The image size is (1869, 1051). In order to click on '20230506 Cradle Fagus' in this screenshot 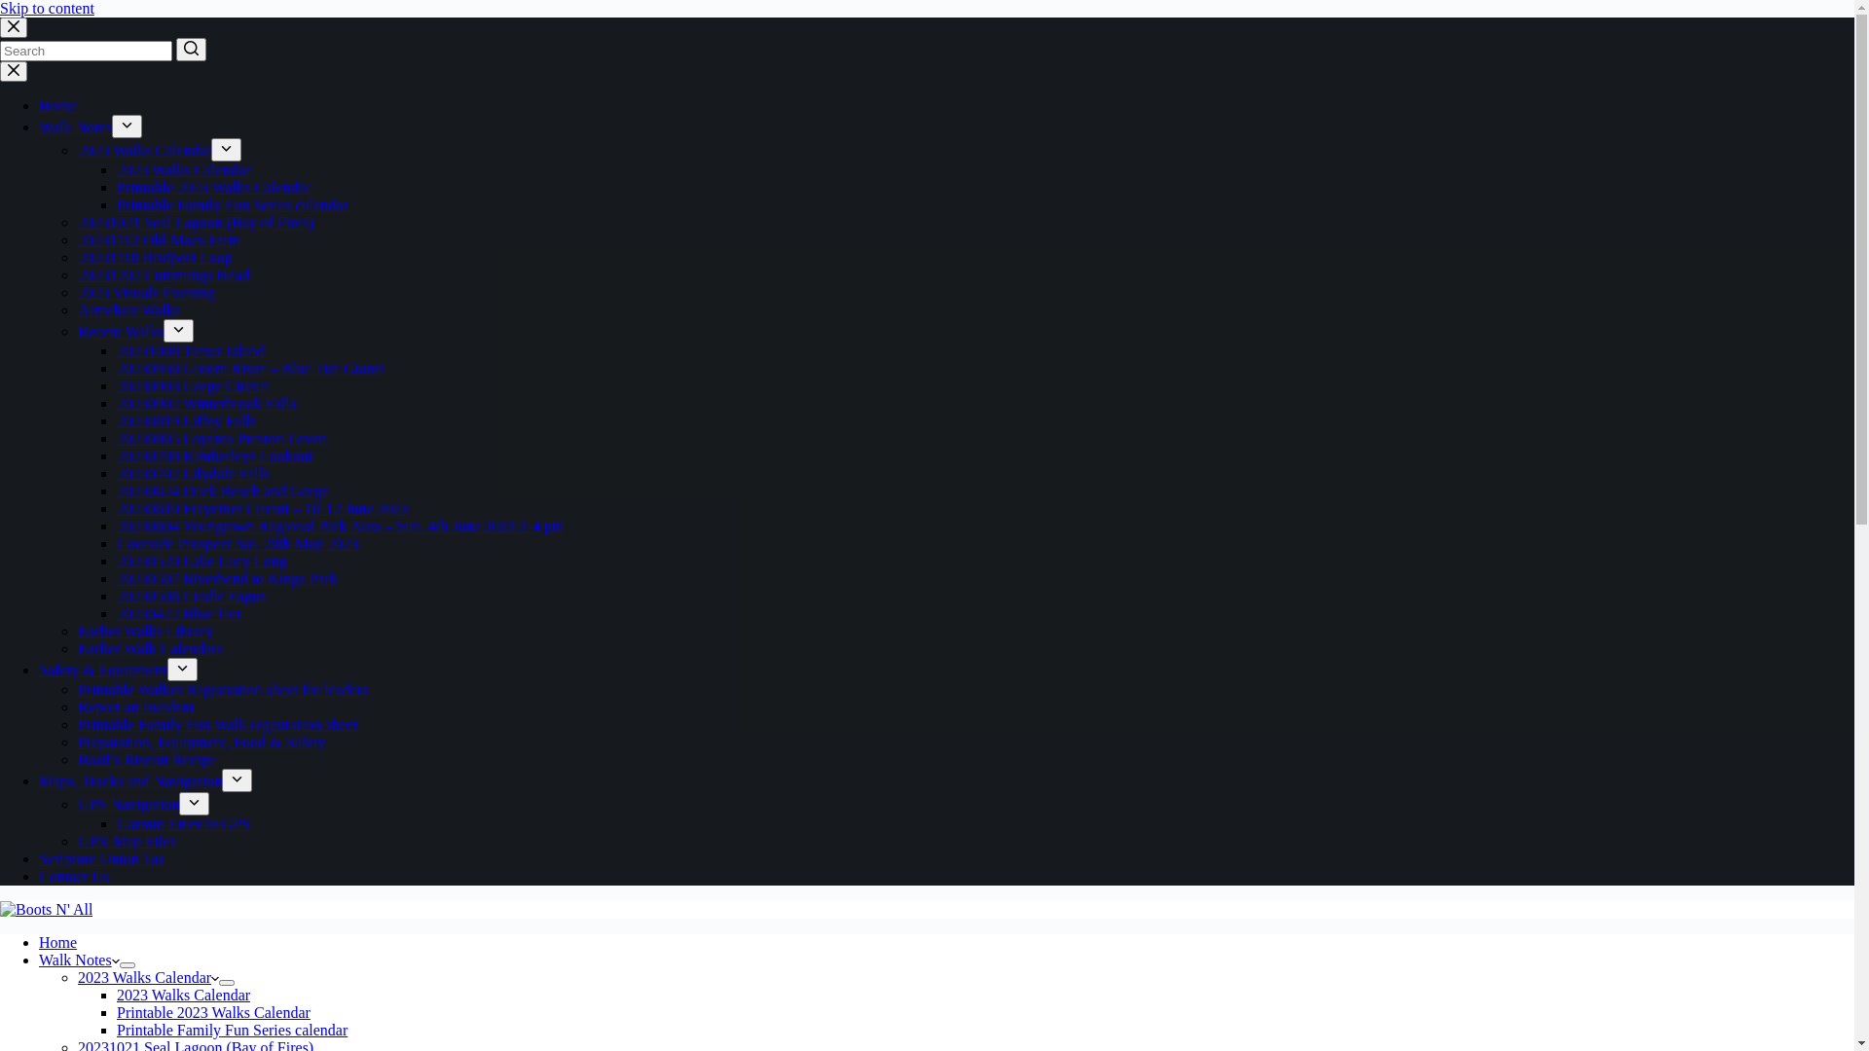, I will do `click(116, 595)`.